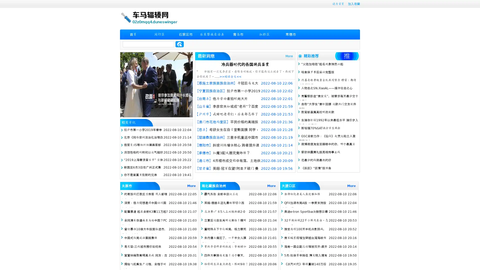 The image size is (480, 270). I want to click on Search, so click(179, 44).